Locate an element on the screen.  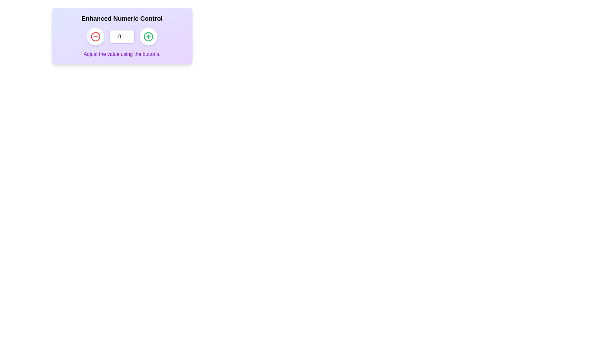
the circular button with a green plus sign, which is the third interactive component in a numeric control interface is located at coordinates (148, 36).